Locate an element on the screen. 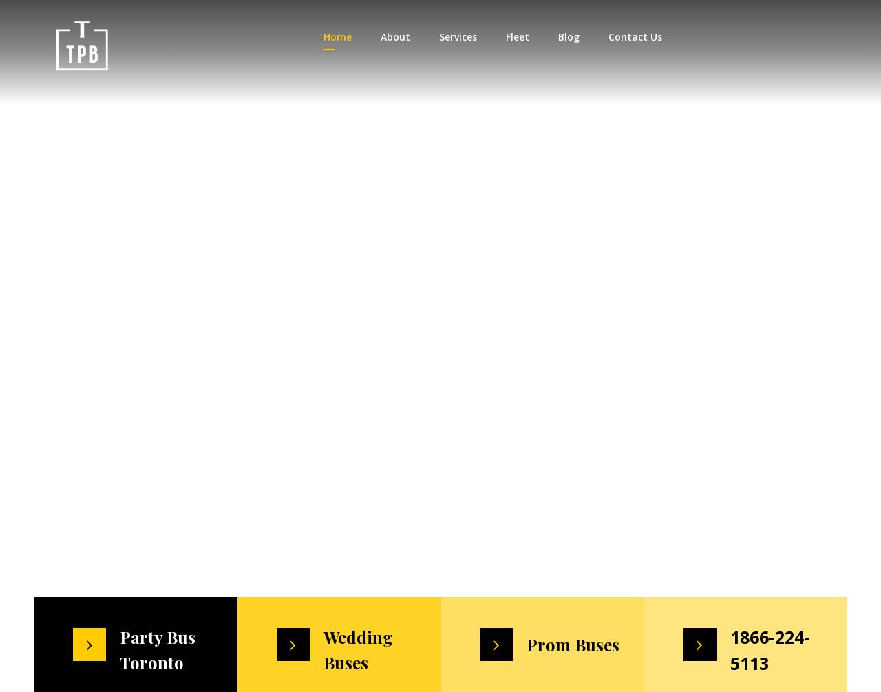  'Home' is located at coordinates (337, 36).